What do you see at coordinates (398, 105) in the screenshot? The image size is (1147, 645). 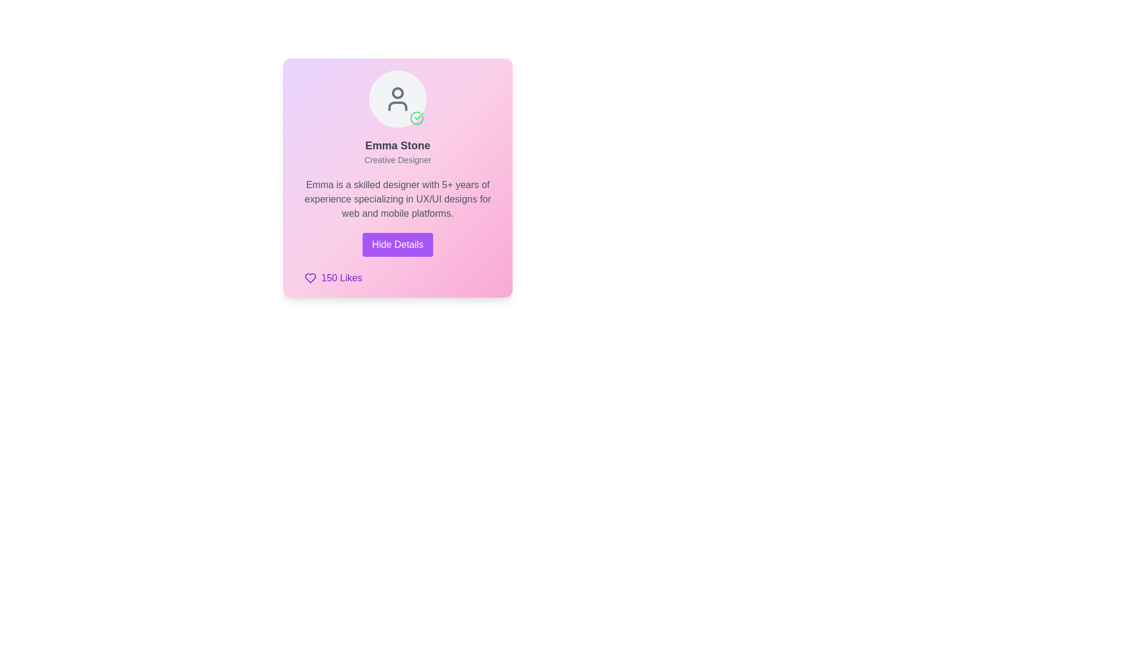 I see `the curved rectangular shape at the bottom of the user icon representing 'Emma Stone' within a card-like design` at bounding box center [398, 105].